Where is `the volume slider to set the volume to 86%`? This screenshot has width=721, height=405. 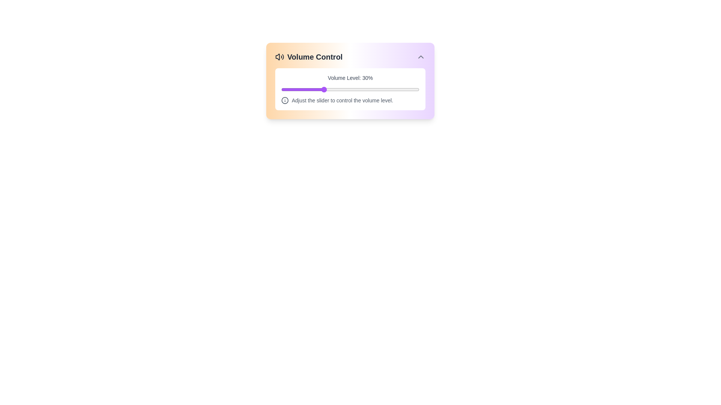 the volume slider to set the volume to 86% is located at coordinates (400, 89).